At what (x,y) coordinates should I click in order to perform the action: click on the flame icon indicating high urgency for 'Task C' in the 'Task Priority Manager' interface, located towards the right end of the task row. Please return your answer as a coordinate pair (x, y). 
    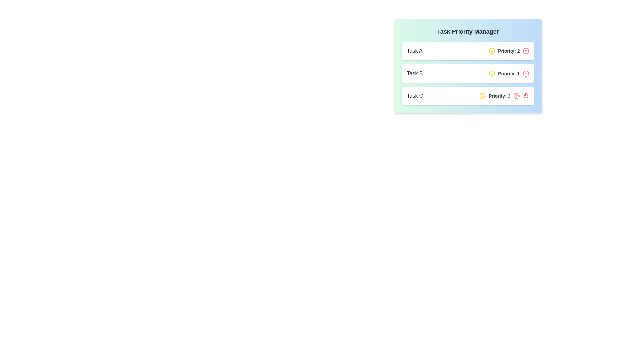
    Looking at the image, I should click on (525, 95).